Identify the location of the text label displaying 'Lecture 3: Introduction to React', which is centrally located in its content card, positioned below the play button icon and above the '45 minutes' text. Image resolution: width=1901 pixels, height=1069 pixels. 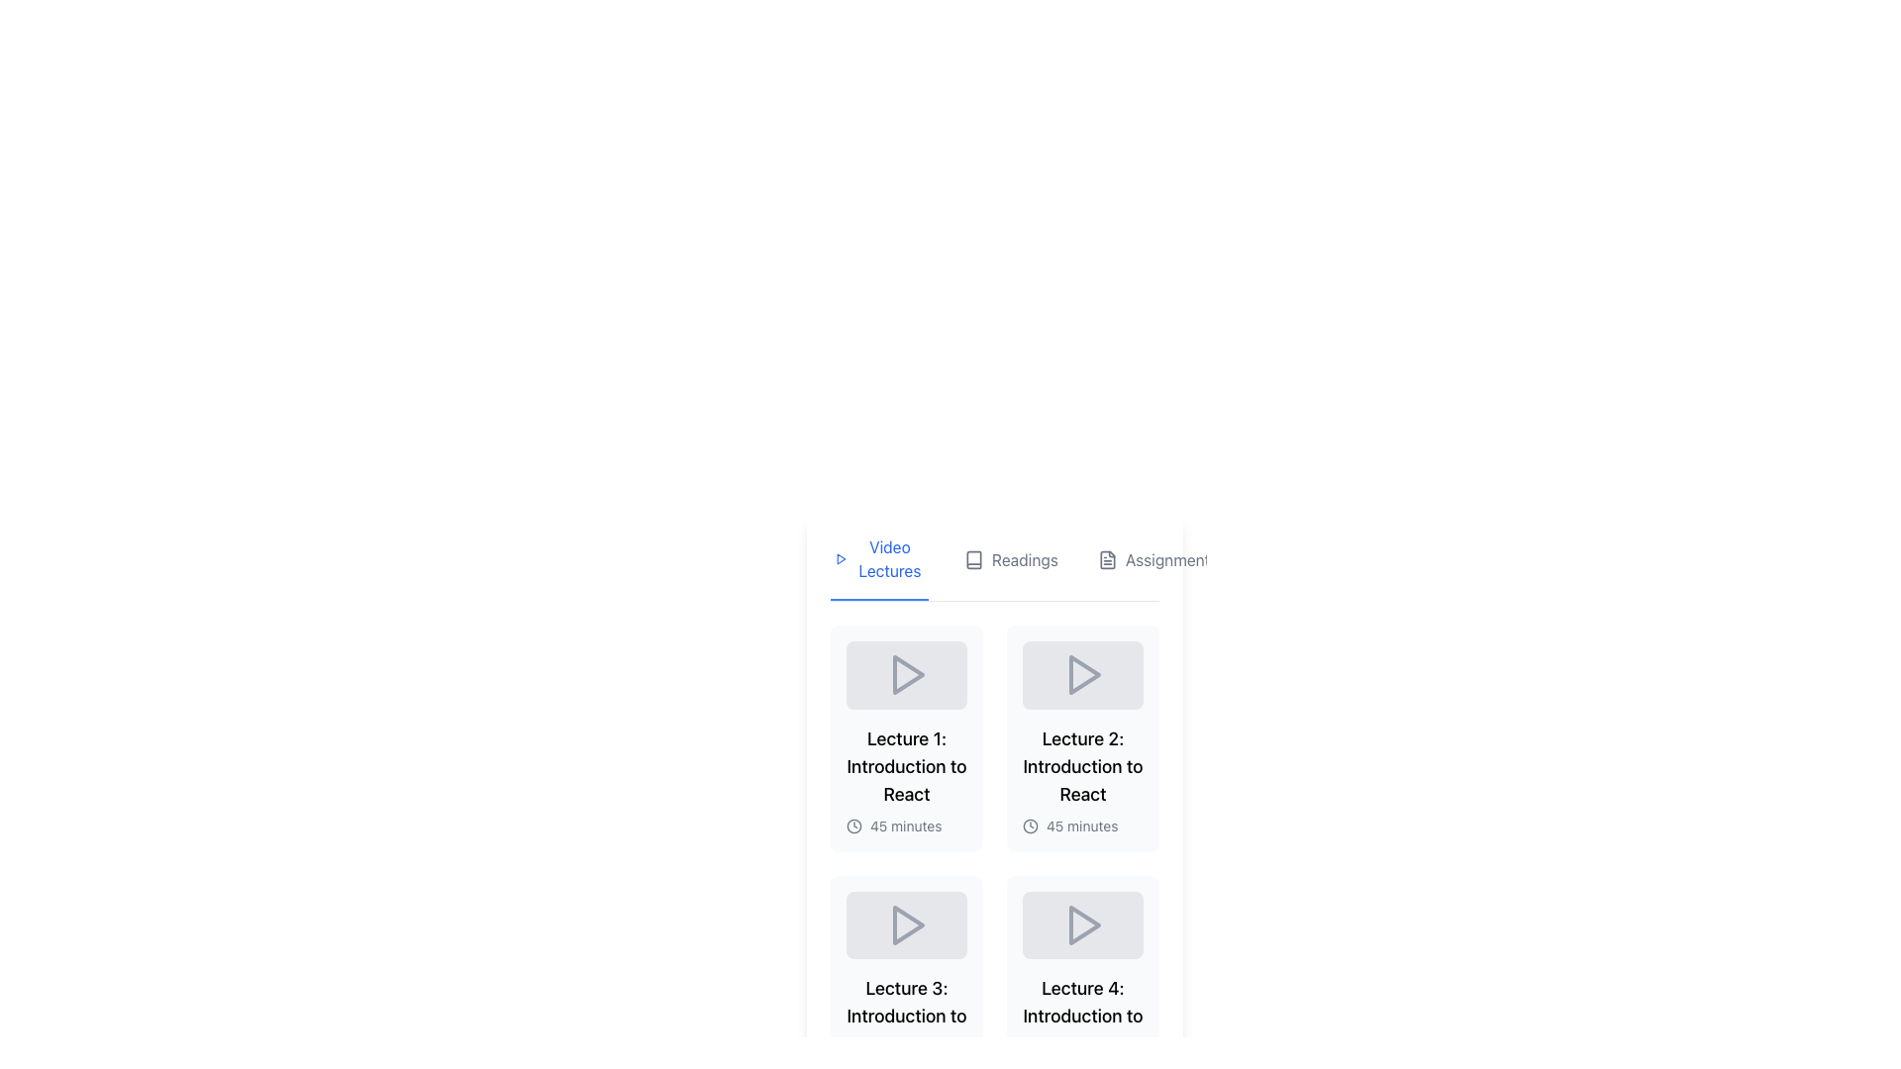
(906, 1016).